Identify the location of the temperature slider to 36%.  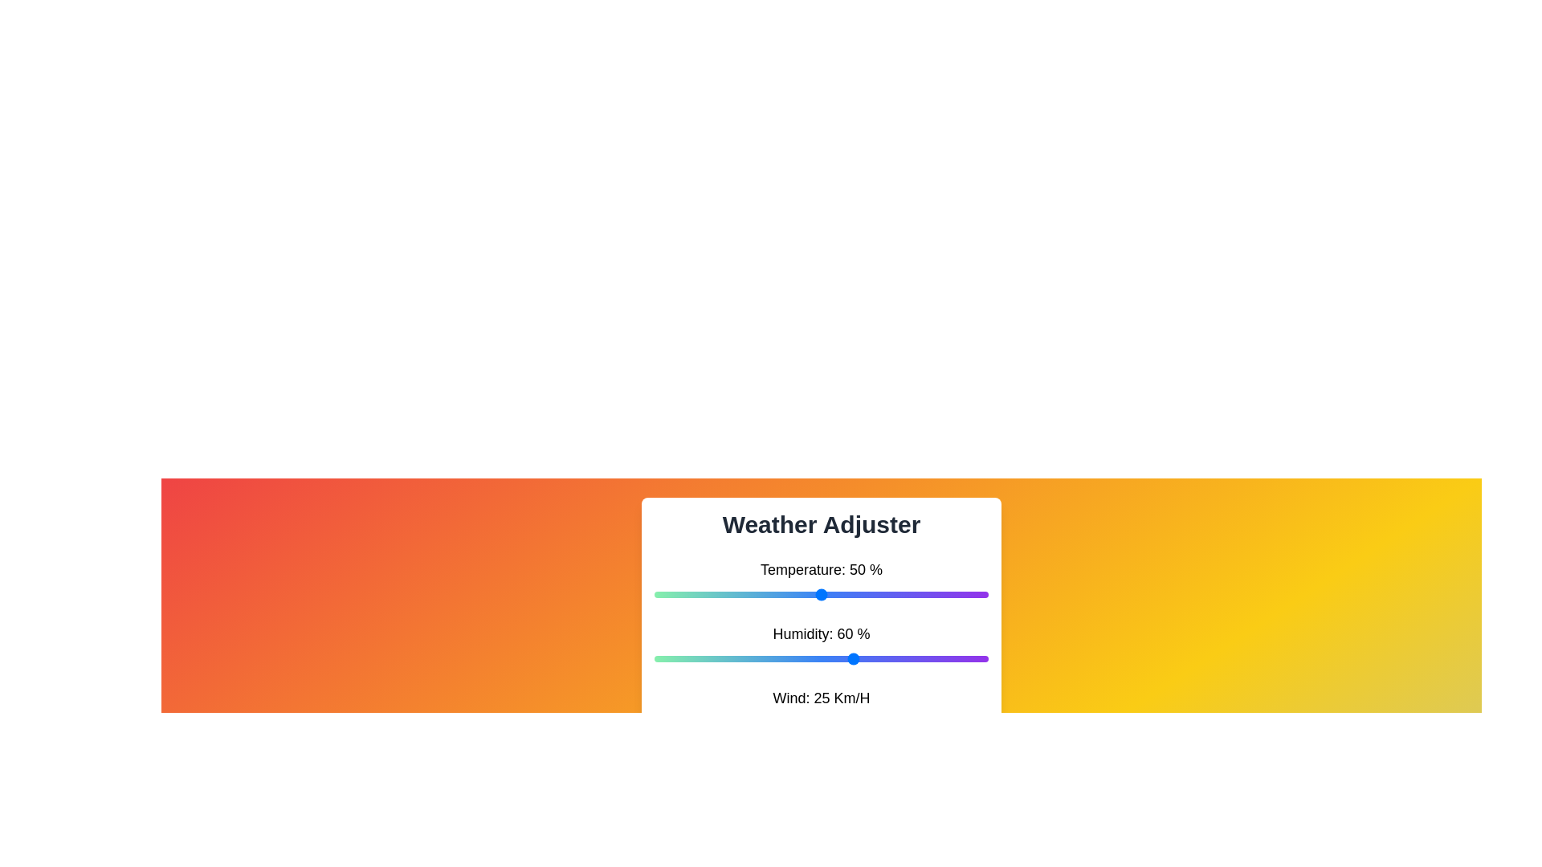
(774, 594).